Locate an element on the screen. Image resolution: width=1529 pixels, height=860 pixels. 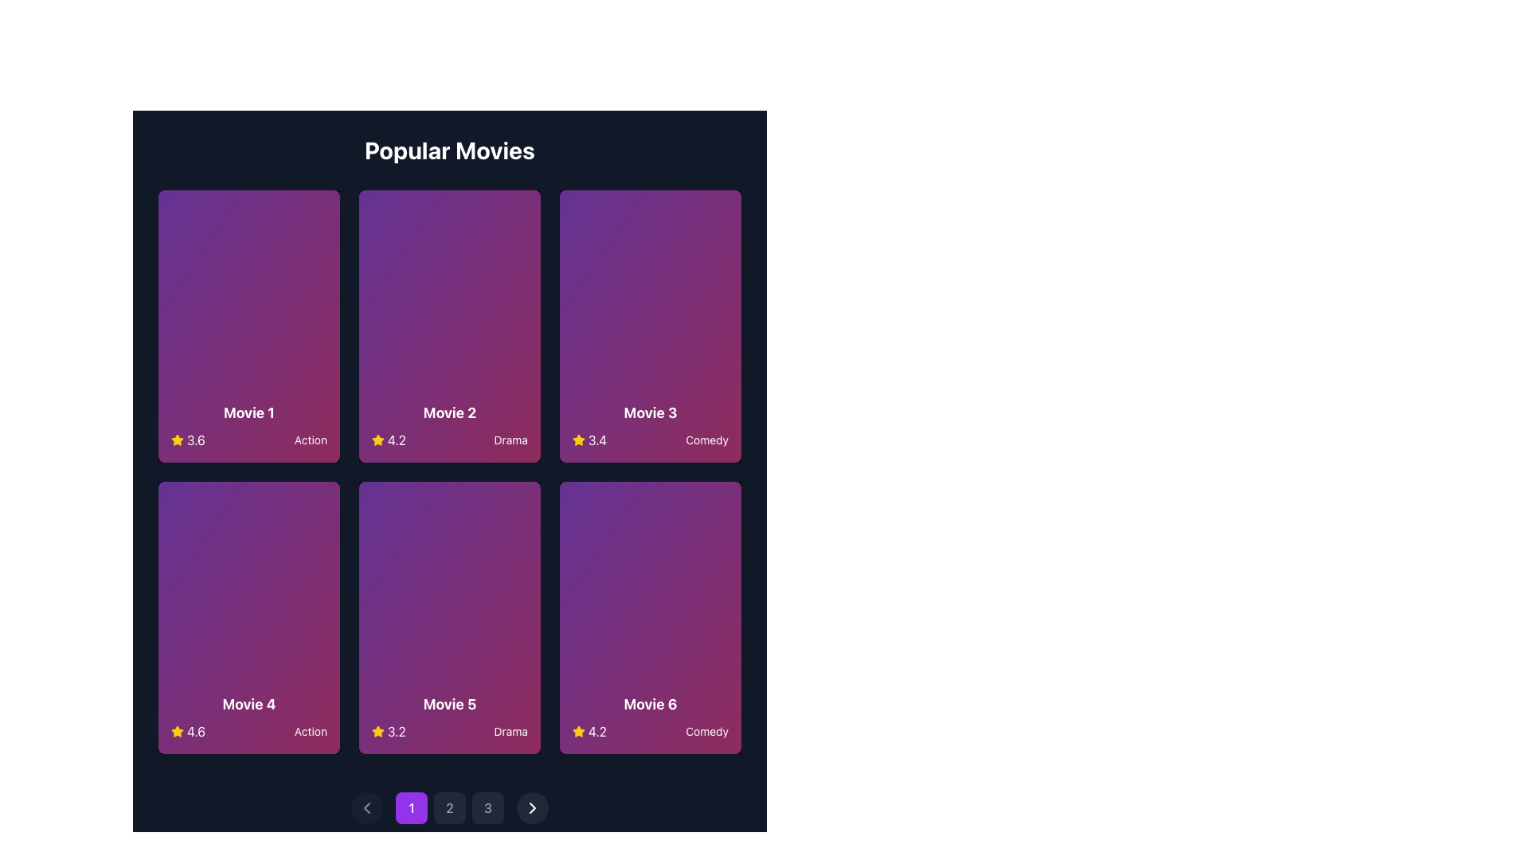
the button containing the chevron-left SVG icon in the bottom navigation bar to observe any hover effects is located at coordinates (366, 807).